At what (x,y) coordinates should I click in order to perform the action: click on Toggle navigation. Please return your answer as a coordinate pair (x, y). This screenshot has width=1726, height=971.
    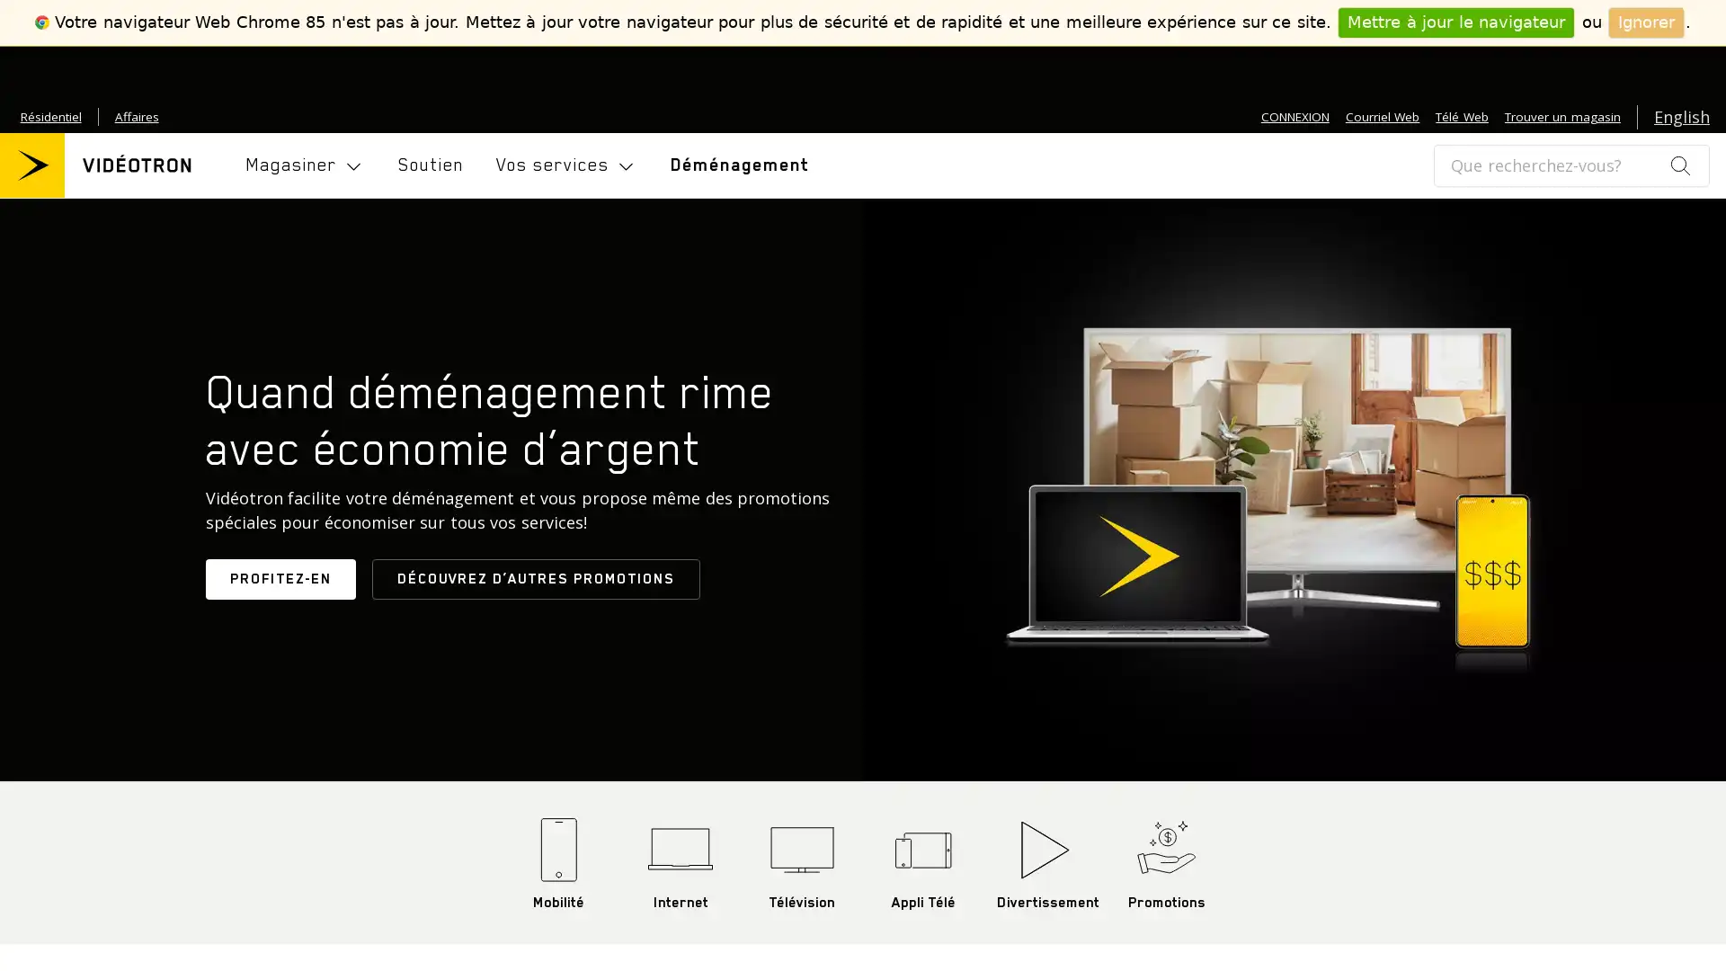
    Looking at the image, I should click on (306, 165).